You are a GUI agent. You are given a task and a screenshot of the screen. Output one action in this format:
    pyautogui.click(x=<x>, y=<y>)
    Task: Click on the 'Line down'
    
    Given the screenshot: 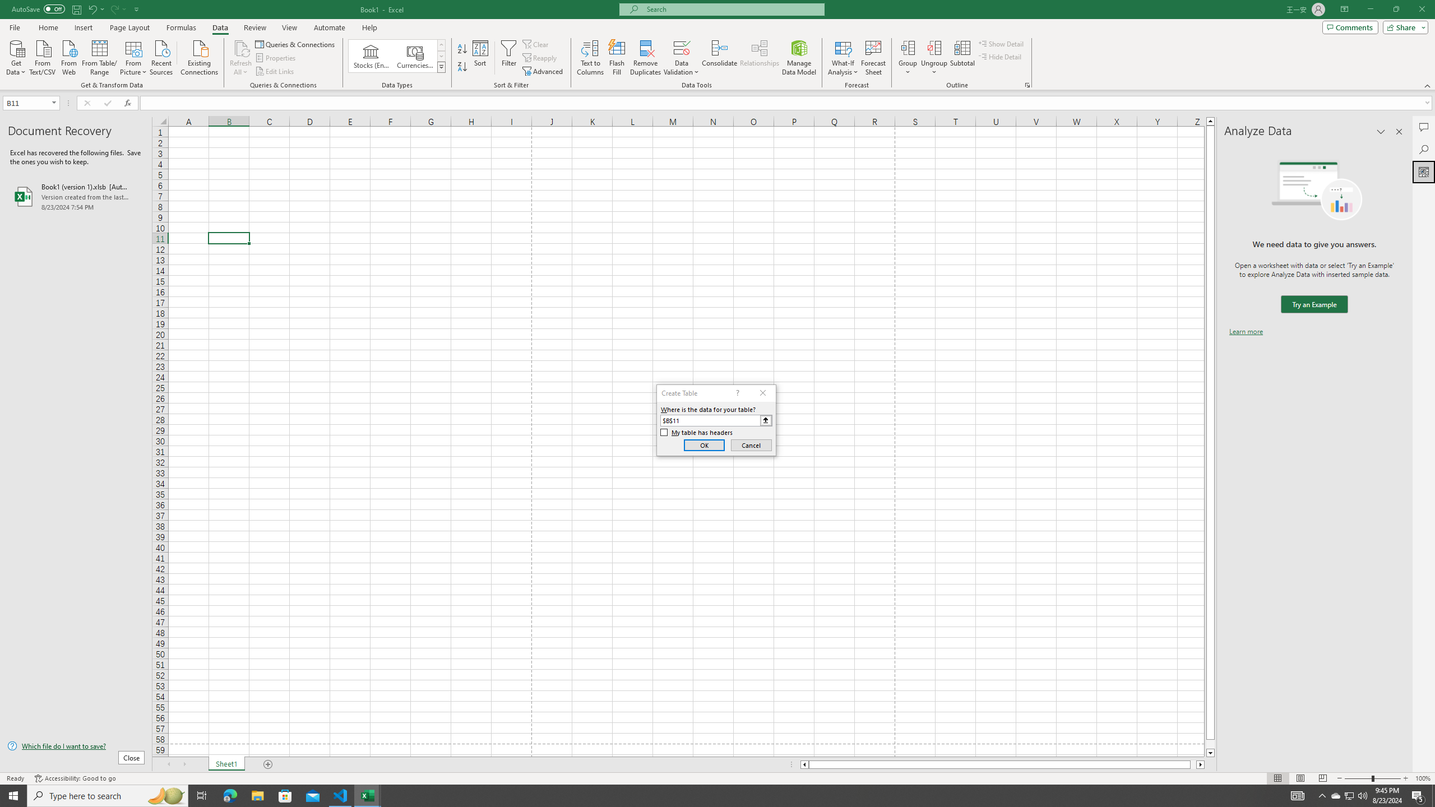 What is the action you would take?
    pyautogui.click(x=1210, y=753)
    